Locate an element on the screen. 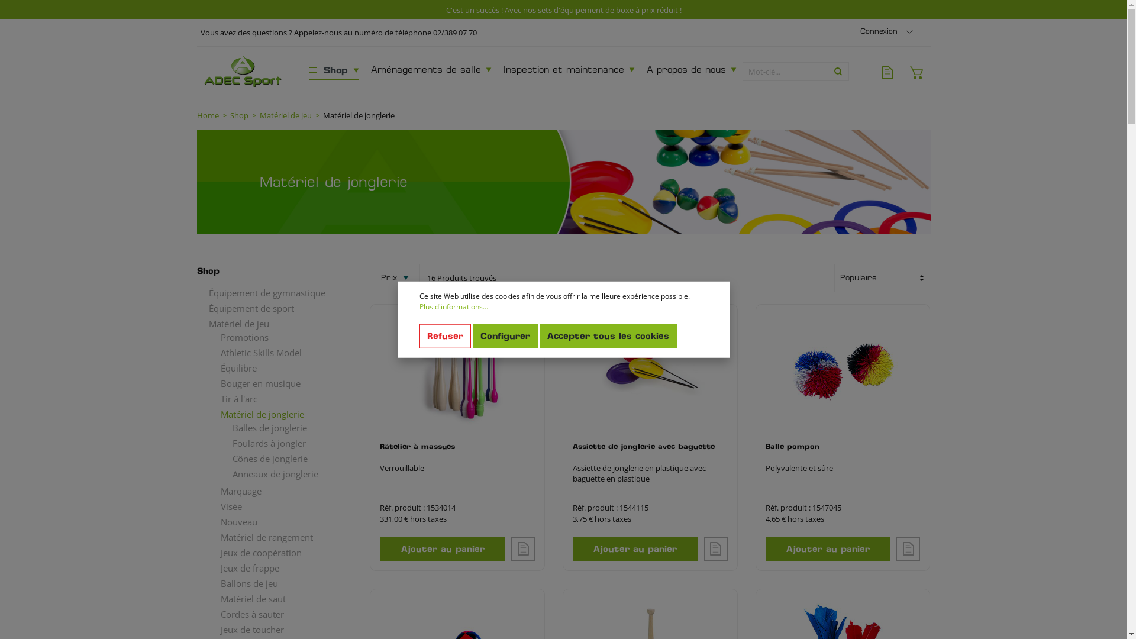 The image size is (1136, 639). 'Bouger en musique' is located at coordinates (276, 383).